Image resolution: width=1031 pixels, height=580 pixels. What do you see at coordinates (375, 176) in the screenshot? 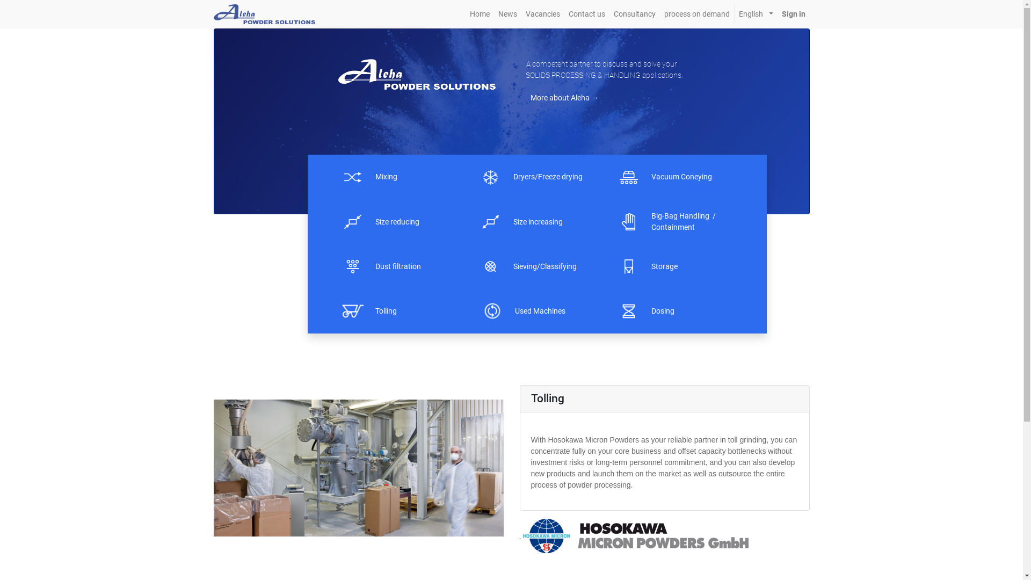
I see `'Mixing'` at bounding box center [375, 176].